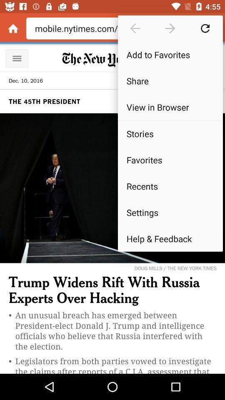 Image resolution: width=225 pixels, height=400 pixels. I want to click on the add to favorites, so click(170, 54).